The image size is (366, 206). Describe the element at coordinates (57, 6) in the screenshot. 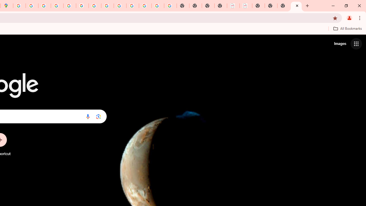

I see `'Privacy Help Center - Policies Help'` at that location.